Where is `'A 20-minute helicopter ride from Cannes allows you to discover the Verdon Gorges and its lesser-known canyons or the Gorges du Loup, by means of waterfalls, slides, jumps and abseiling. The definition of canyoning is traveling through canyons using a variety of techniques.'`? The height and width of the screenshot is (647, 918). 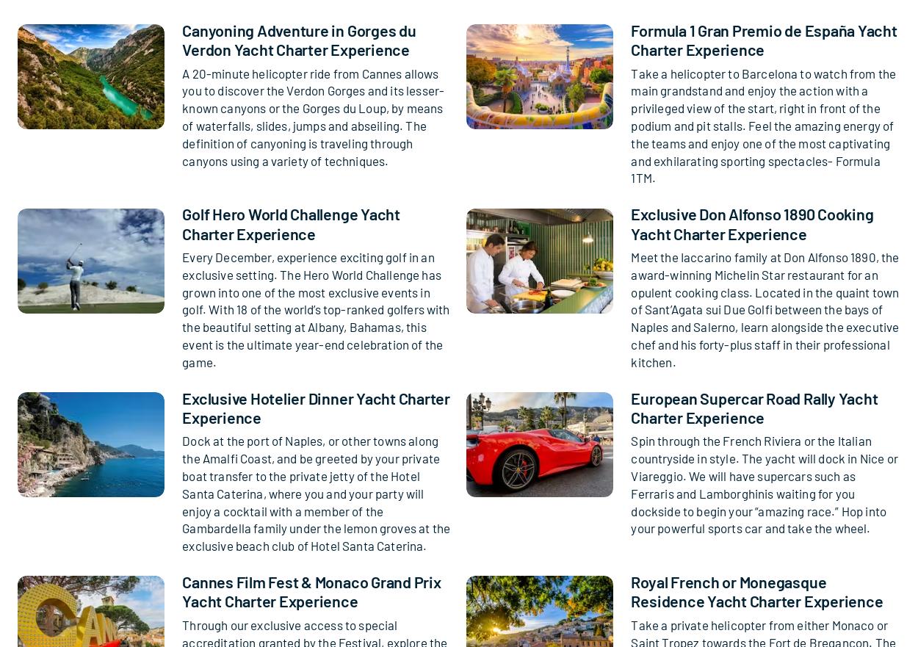 'A 20-minute helicopter ride from Cannes allows you to discover the Verdon Gorges and its lesser-known canyons or the Gorges du Loup, by means of waterfalls, slides, jumps and abseiling. The definition of canyoning is traveling through canyons using a variety of techniques.' is located at coordinates (313, 115).